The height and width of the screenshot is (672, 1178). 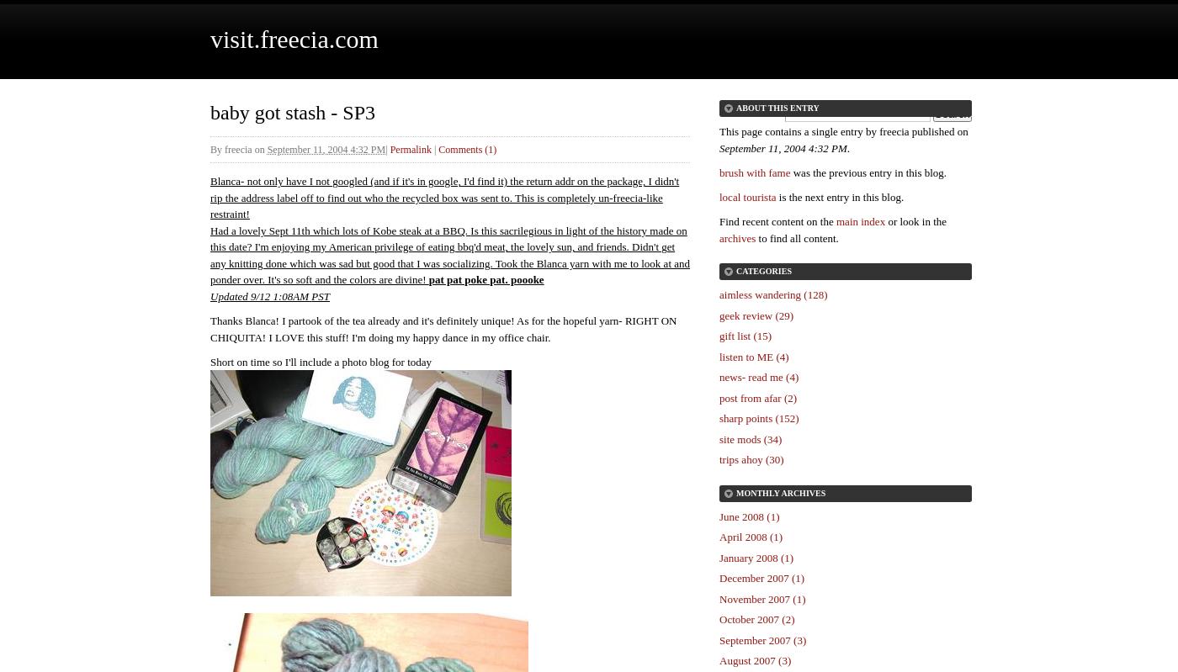 I want to click on 'is the next entry in this blog.', so click(x=840, y=196).